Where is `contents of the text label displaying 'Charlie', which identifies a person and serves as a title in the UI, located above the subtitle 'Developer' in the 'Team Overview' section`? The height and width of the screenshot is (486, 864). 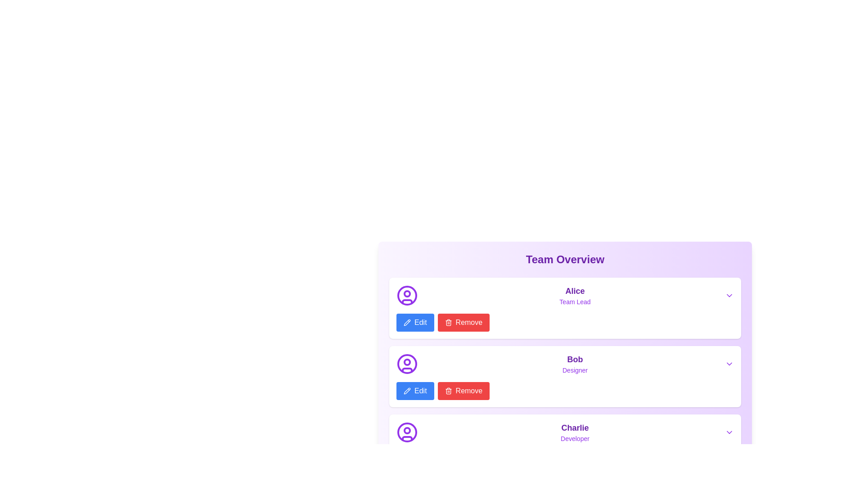
contents of the text label displaying 'Charlie', which identifies a person and serves as a title in the UI, located above the subtitle 'Developer' in the 'Team Overview' section is located at coordinates (574, 427).